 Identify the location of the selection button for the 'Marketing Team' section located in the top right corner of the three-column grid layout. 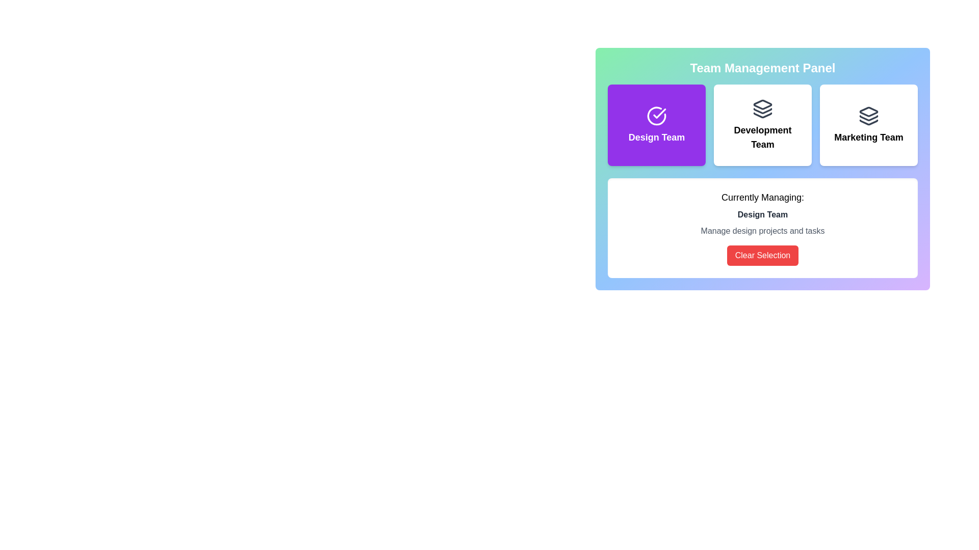
(868, 125).